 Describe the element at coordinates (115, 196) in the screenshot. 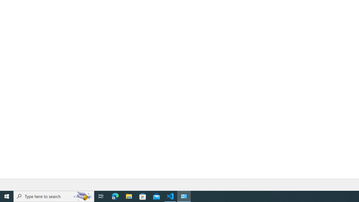

I see `'Microsoft Edge'` at that location.